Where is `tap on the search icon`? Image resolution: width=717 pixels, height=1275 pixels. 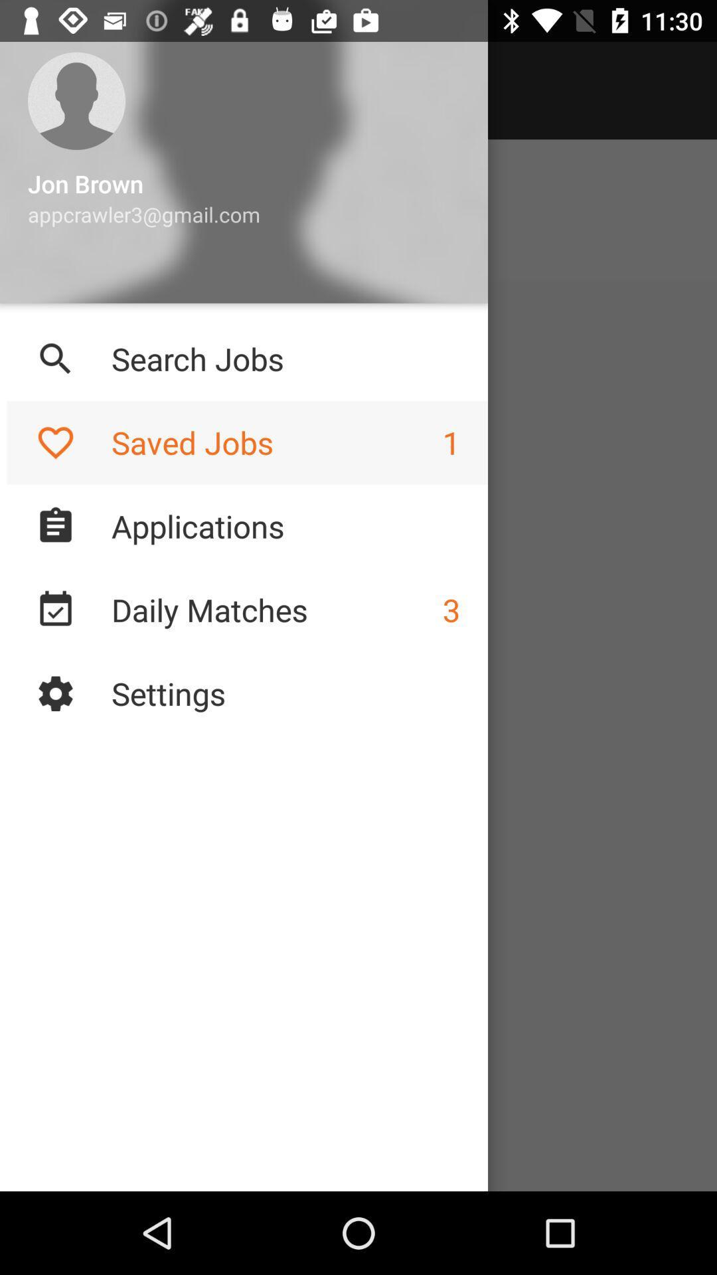
tap on the search icon is located at coordinates (55, 359).